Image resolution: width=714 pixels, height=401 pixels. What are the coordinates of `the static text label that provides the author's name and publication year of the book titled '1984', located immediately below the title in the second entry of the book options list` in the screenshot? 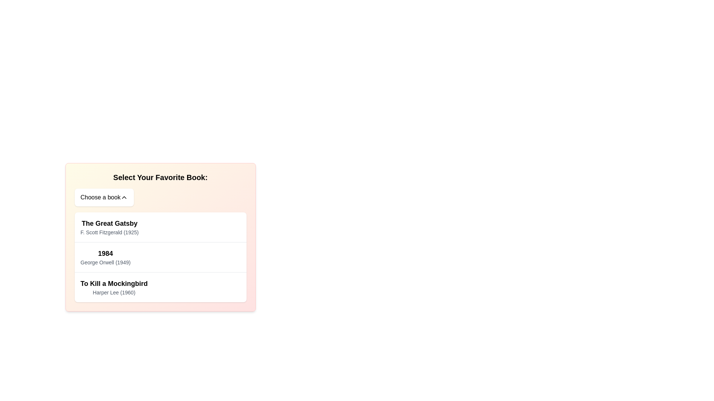 It's located at (105, 262).